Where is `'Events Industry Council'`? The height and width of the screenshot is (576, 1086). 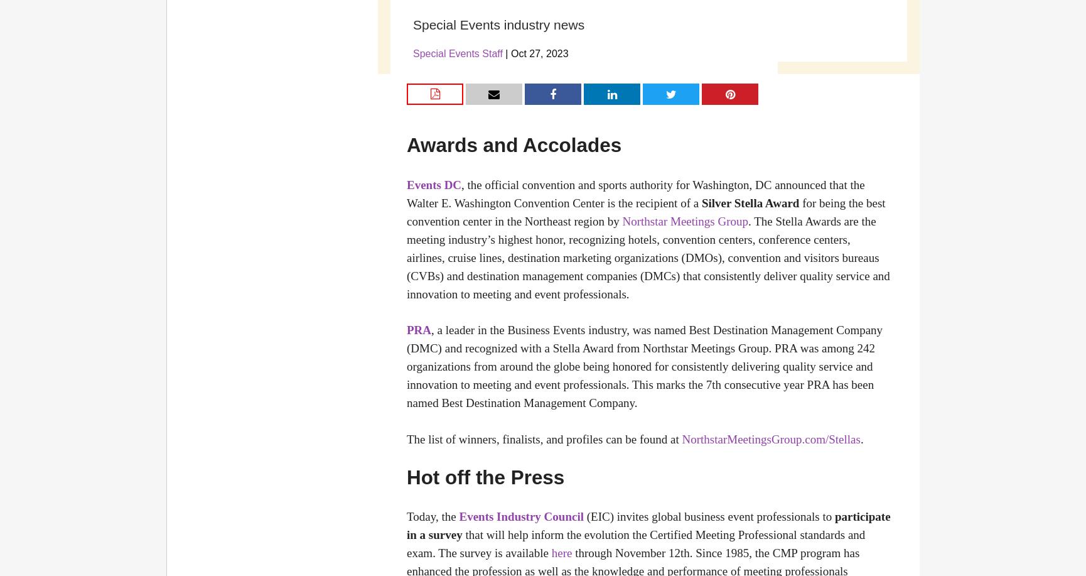
'Events Industry Council' is located at coordinates (520, 516).